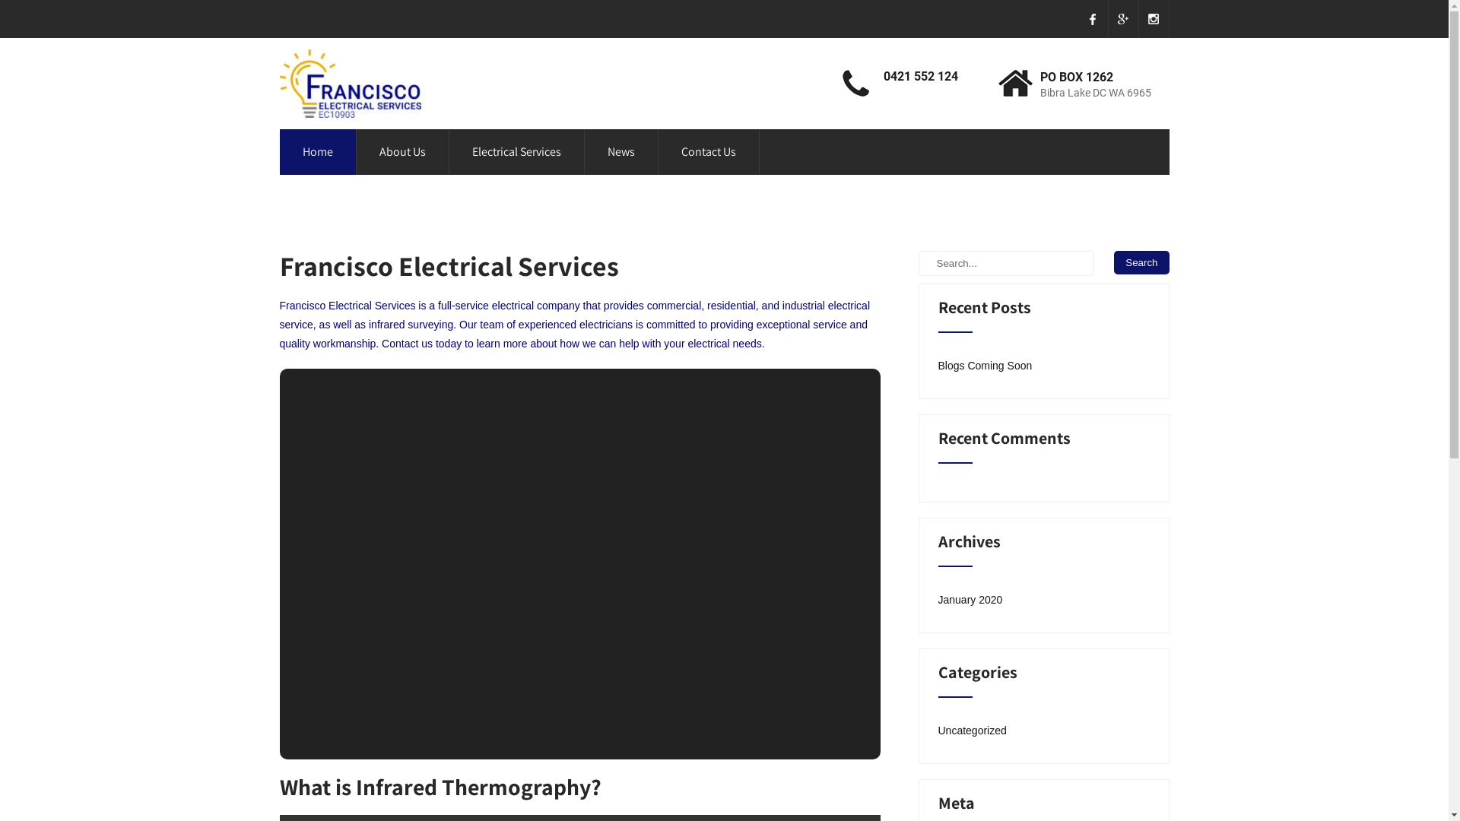 The height and width of the screenshot is (821, 1460). Describe the element at coordinates (316, 152) in the screenshot. I see `'Home'` at that location.